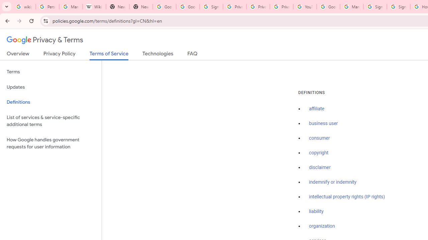 This screenshot has height=240, width=428. Describe the element at coordinates (118, 7) in the screenshot. I see `'New Tab'` at that location.